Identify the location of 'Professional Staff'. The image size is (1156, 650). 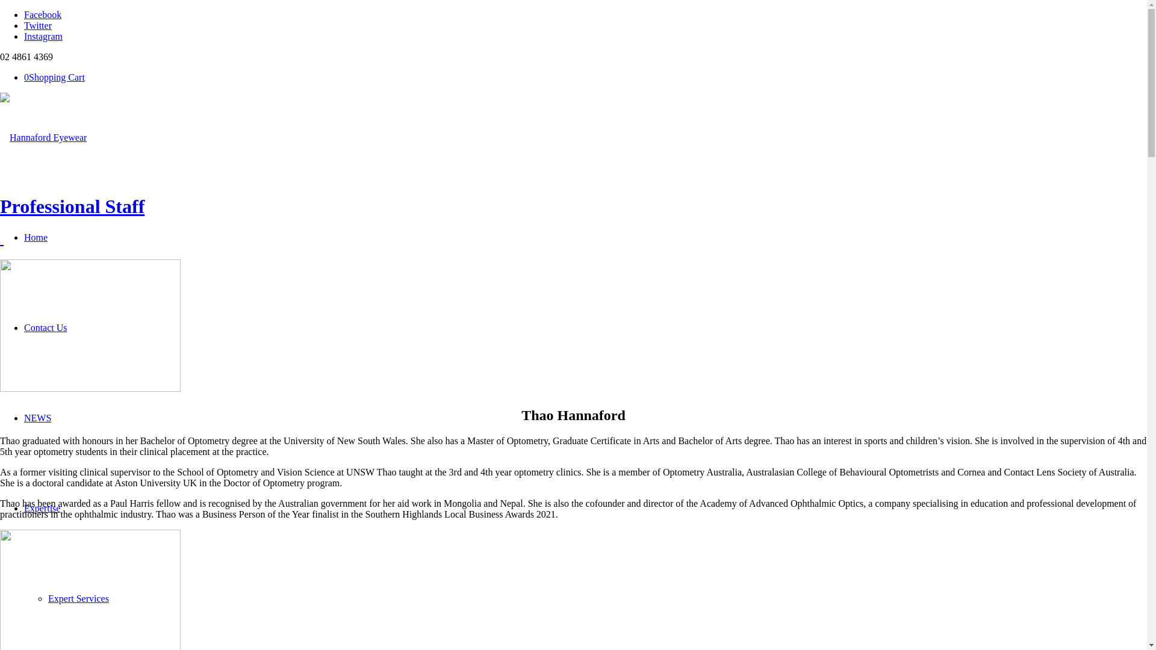
(72, 206).